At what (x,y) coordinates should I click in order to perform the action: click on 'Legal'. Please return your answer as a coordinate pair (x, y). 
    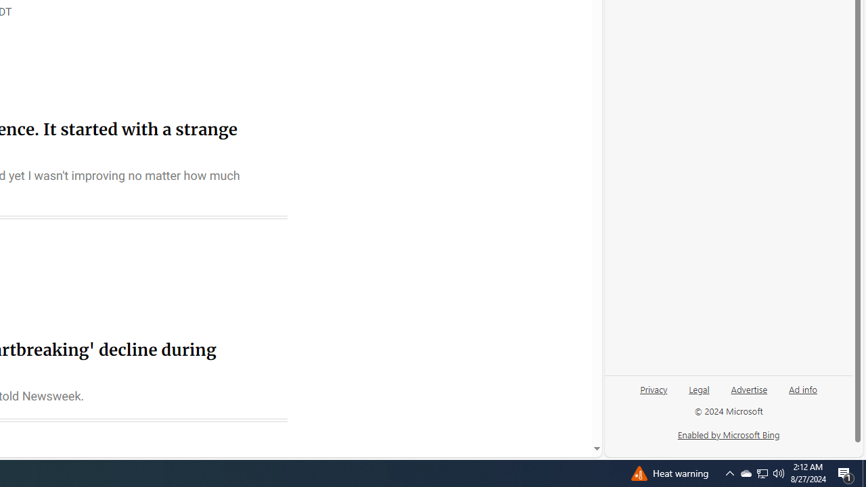
    Looking at the image, I should click on (699, 394).